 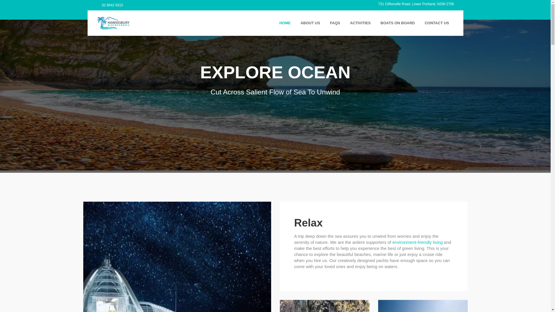 I want to click on 'BOATS ON BOARD', so click(x=397, y=23).